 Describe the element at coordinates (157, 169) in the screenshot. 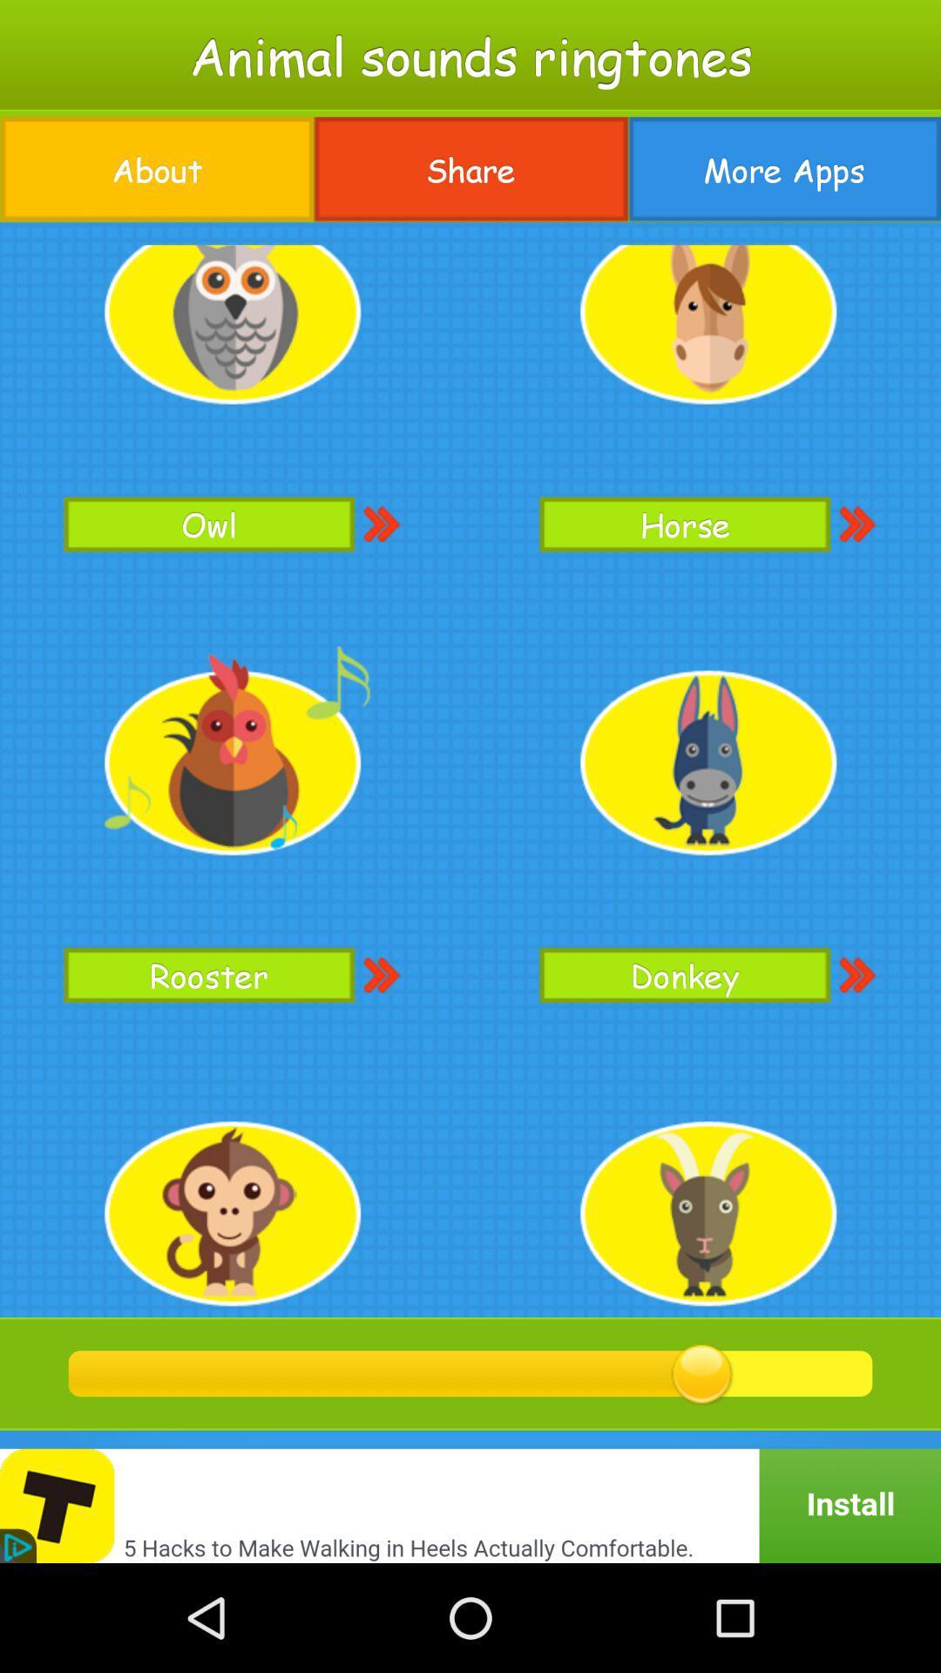

I see `the app below animal sounds ringtones` at that location.